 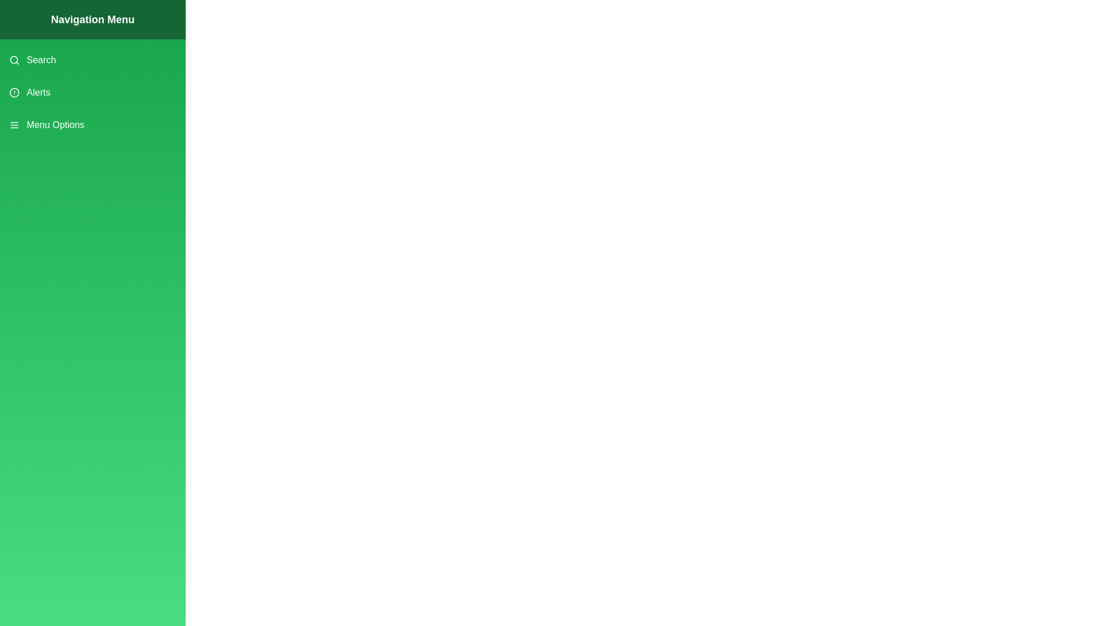 I want to click on the menu item Alerts to observe its hover effect, so click(x=92, y=92).